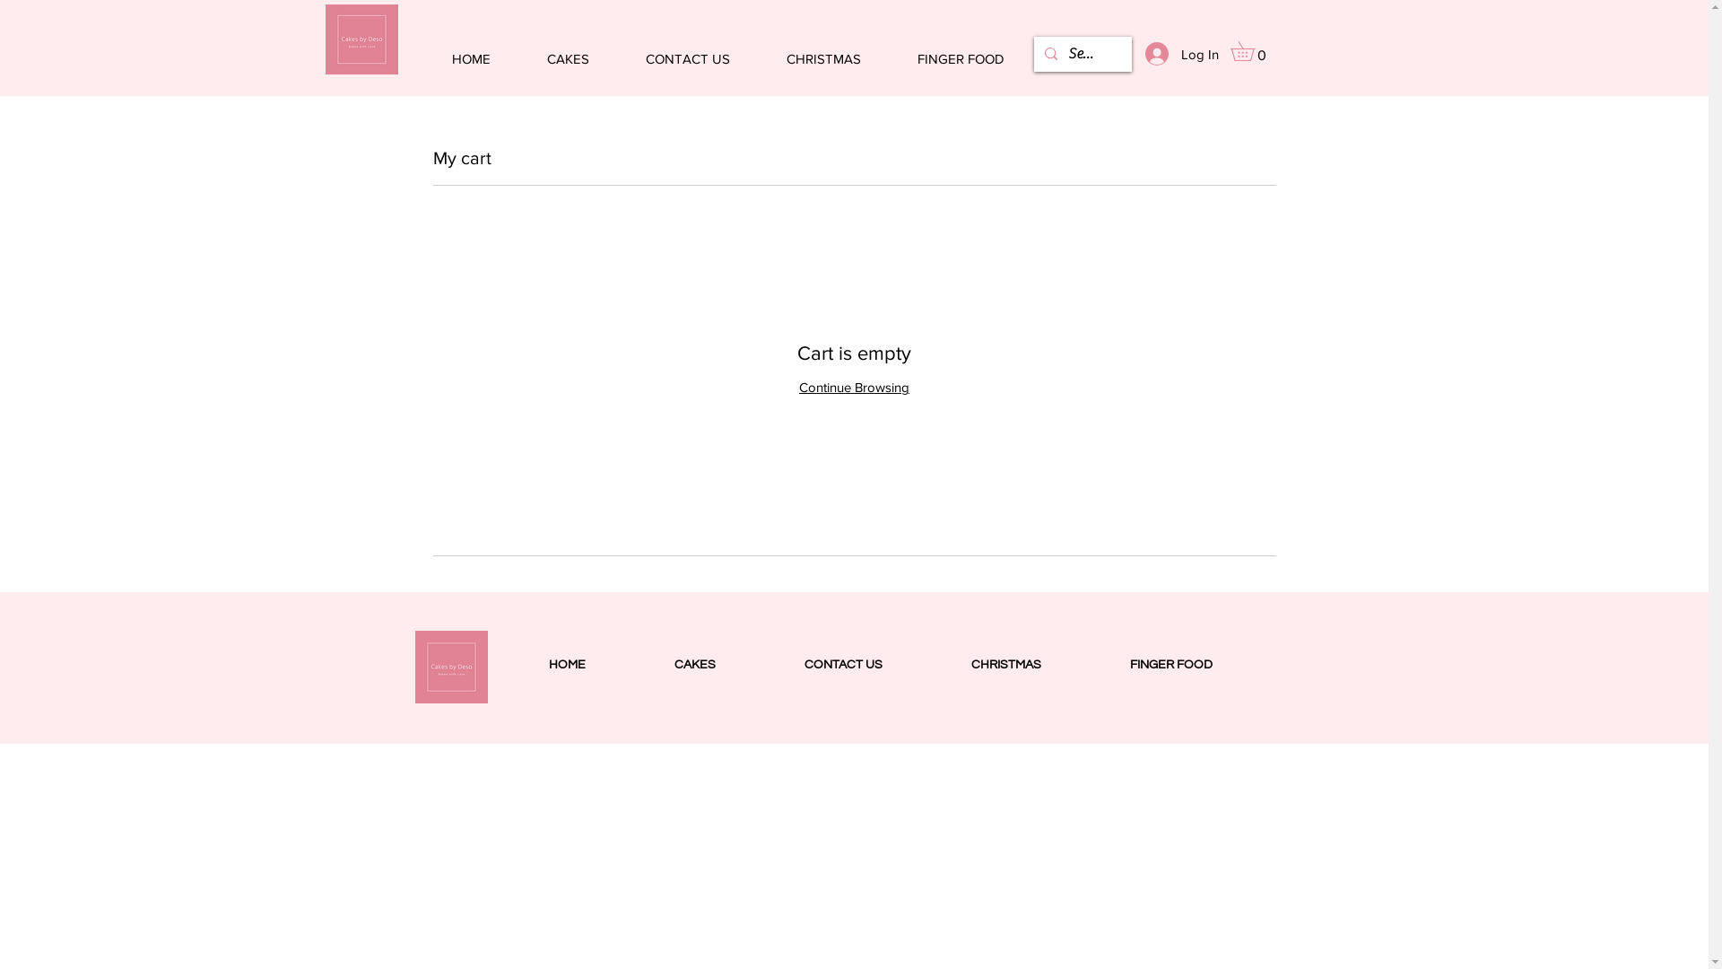 Image resolution: width=1722 pixels, height=969 pixels. I want to click on 'Continue Browsing', so click(853, 386).